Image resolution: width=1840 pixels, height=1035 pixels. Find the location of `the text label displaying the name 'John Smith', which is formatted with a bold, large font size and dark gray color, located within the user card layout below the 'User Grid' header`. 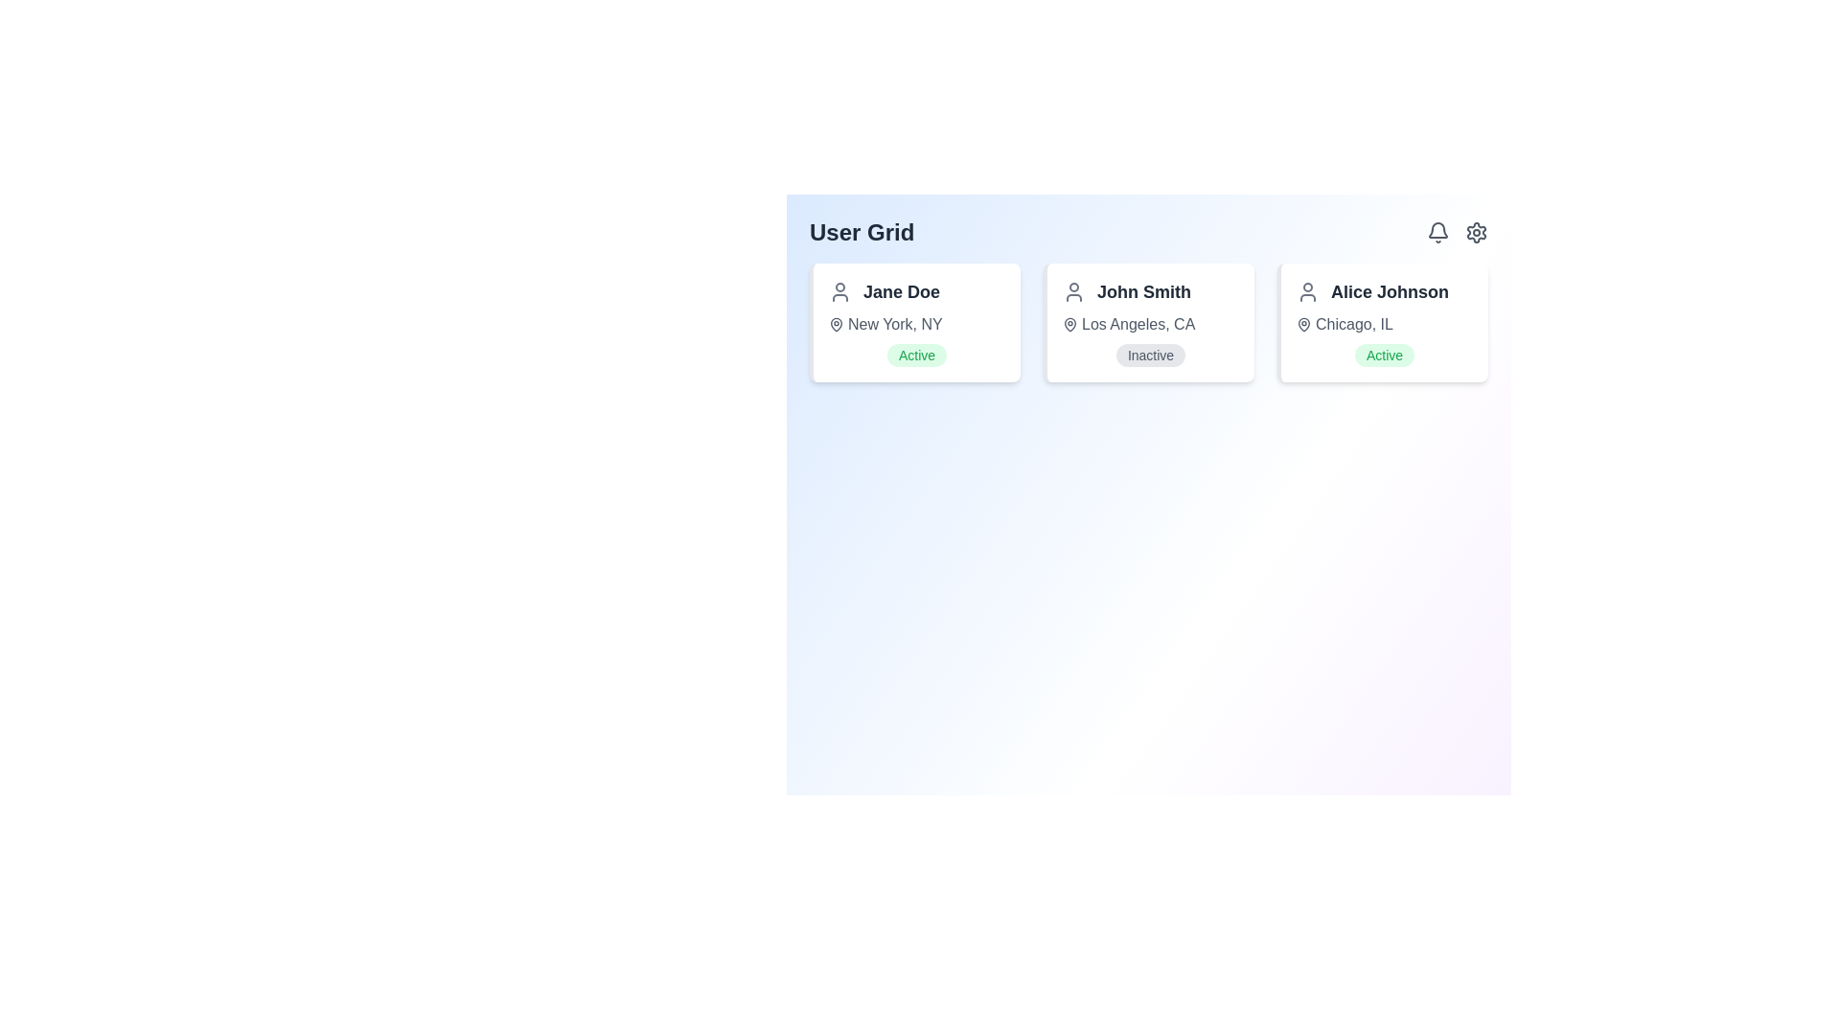

the text label displaying the name 'John Smith', which is formatted with a bold, large font size and dark gray color, located within the user card layout below the 'User Grid' header is located at coordinates (1144, 291).